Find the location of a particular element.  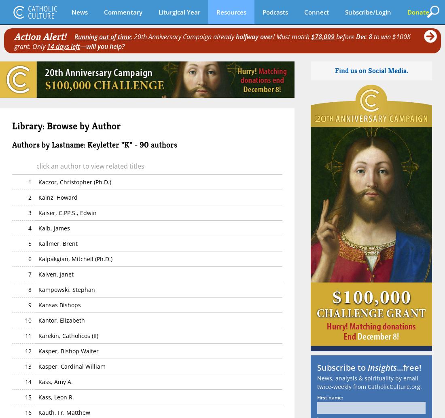

'Kaiser, C.PP.S., Edwin' is located at coordinates (67, 212).